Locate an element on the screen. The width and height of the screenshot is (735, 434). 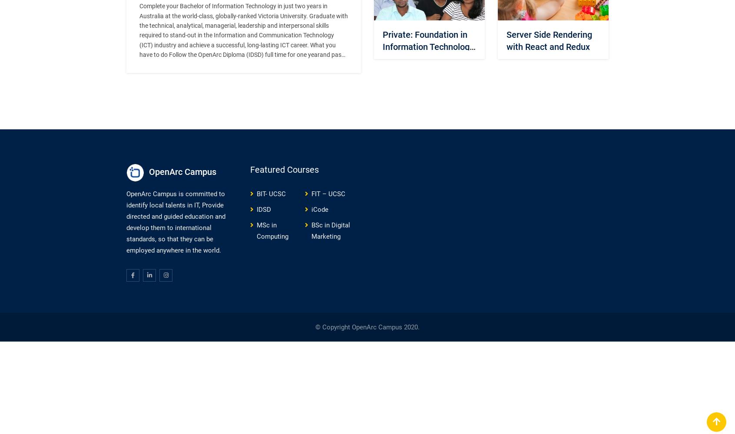
'Complete your Bachelor of Information Technology in just two years in Australia at the world-class, globally-ranked Victoria University. Graduate with the technical, analytical, managerial, leadership and interpersonal skills required to stand-out in the Information and Communication Technology (ICT) industry and achieve a successful, long-lasting ICT career. What you have to do Follow the OpenArc Diploma (IDSD) full time for one yearand pass with good grades. Do the English test, IELTS & obtain at least 6.0 for all four sections Benefits of this programme By doing the first year here at OpenArc, you save a lot of money.It costs less than one tenth (10%) of the Australian course fee. You have a transition period of one year. Start the degree from the second year at Victoria University. Improve your skills & get ready to face the challenges in Australia. Meet the Victoria University representatives in Sri Lanka & sort all your problems/difficulties, before going to Australia. Obtain the degree from a highly recognized, state university in Australia, which is ranked in top 2% of universities worldwide. Contact Us' is located at coordinates (244, 74).